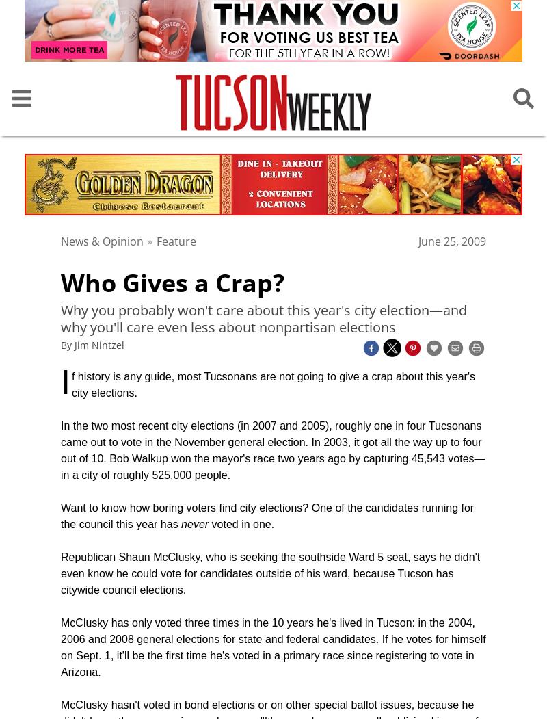  I want to click on 'Jim Nintzel', so click(99, 344).